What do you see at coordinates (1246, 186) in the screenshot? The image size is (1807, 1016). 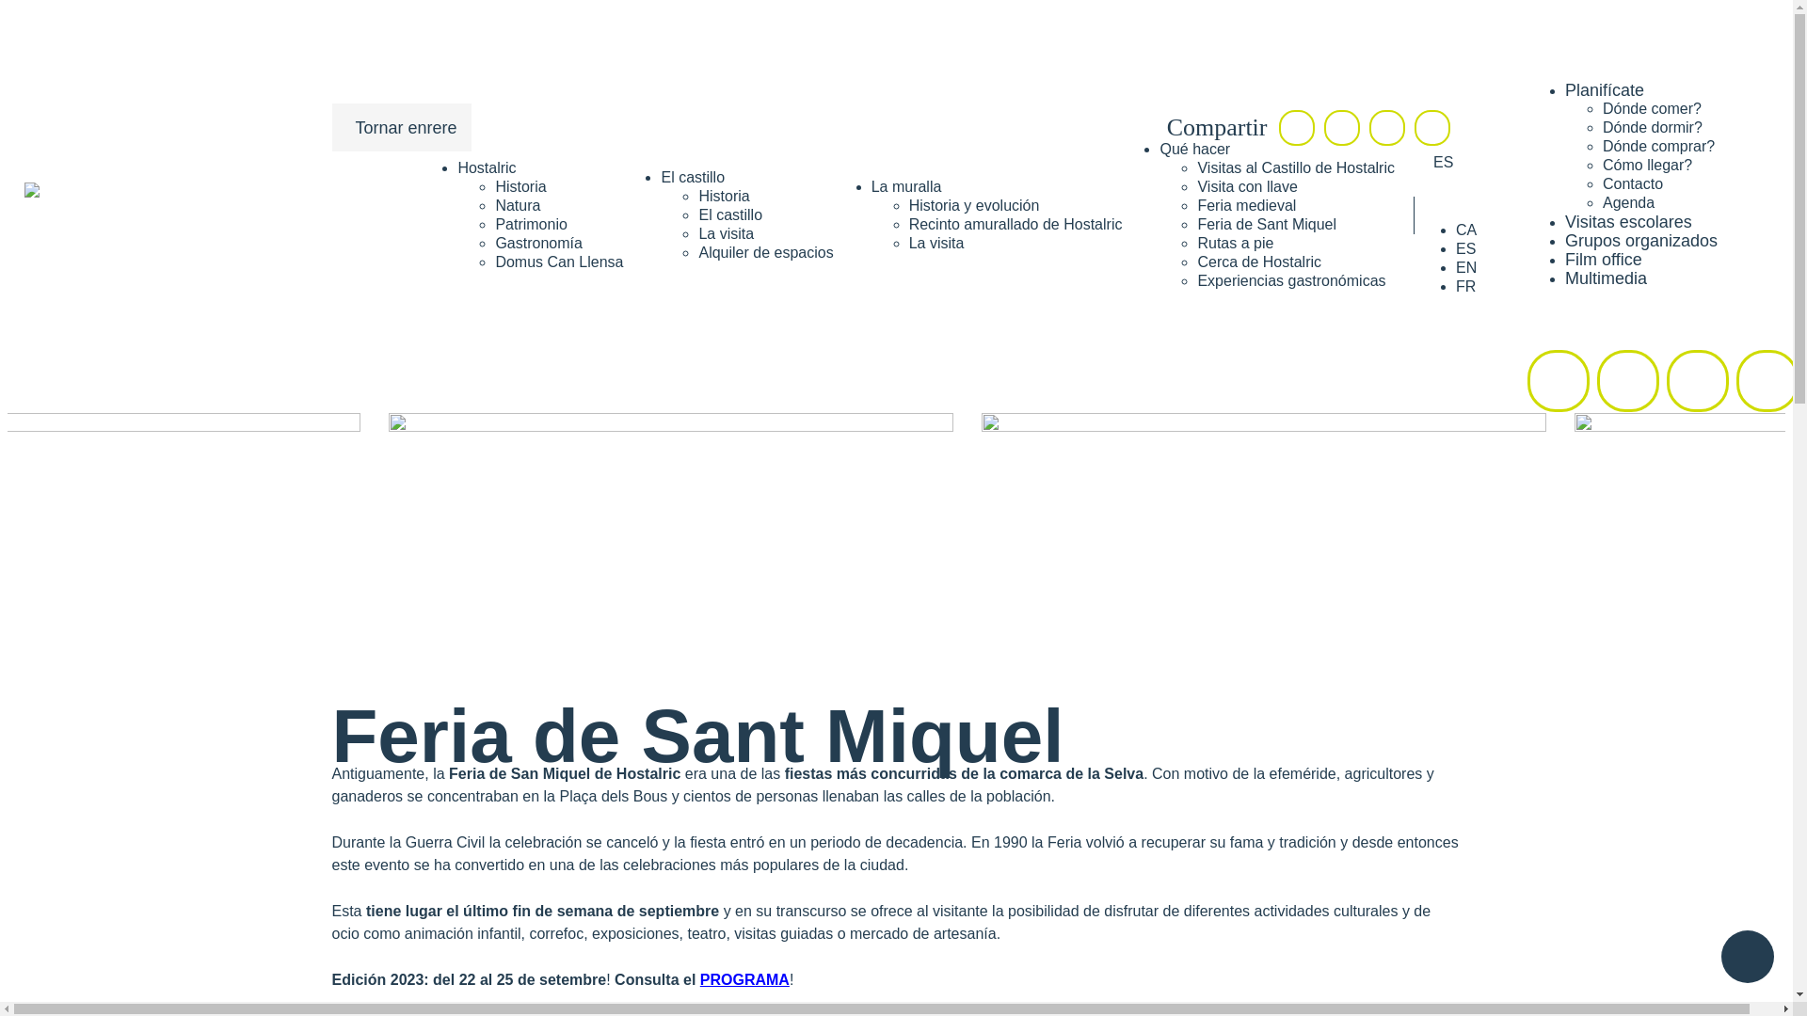 I see `'Visita con llave'` at bounding box center [1246, 186].